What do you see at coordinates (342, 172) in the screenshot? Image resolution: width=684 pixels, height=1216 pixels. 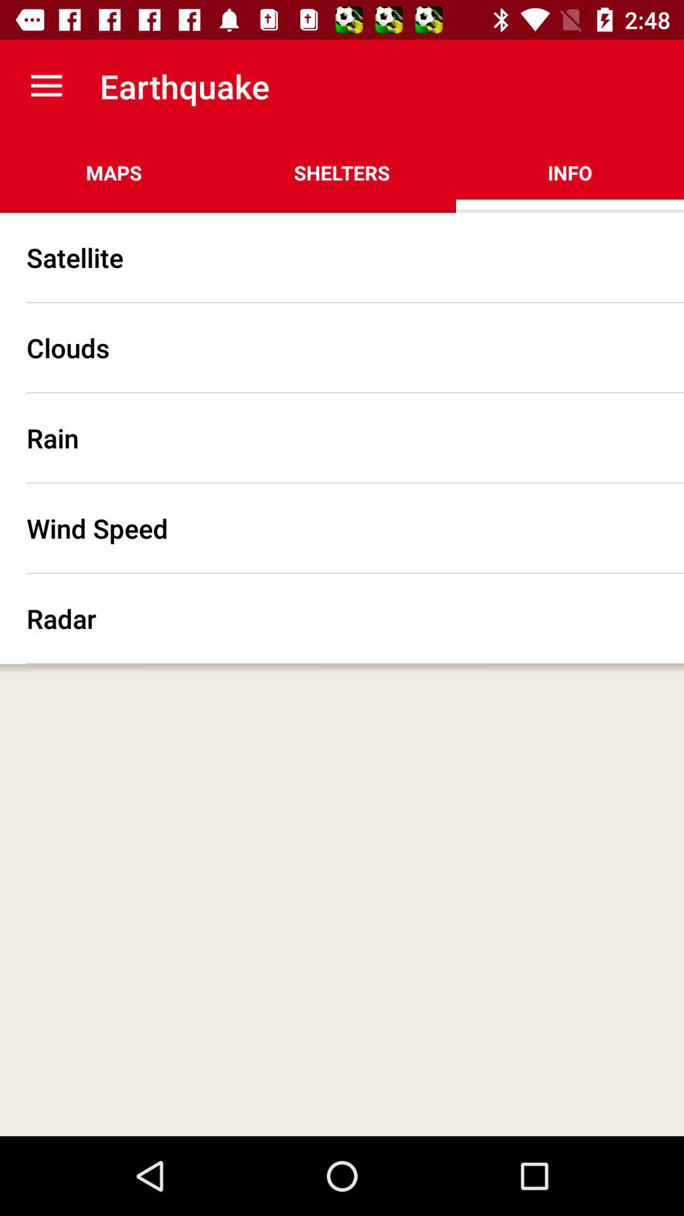 I see `the app next to the maps app` at bounding box center [342, 172].